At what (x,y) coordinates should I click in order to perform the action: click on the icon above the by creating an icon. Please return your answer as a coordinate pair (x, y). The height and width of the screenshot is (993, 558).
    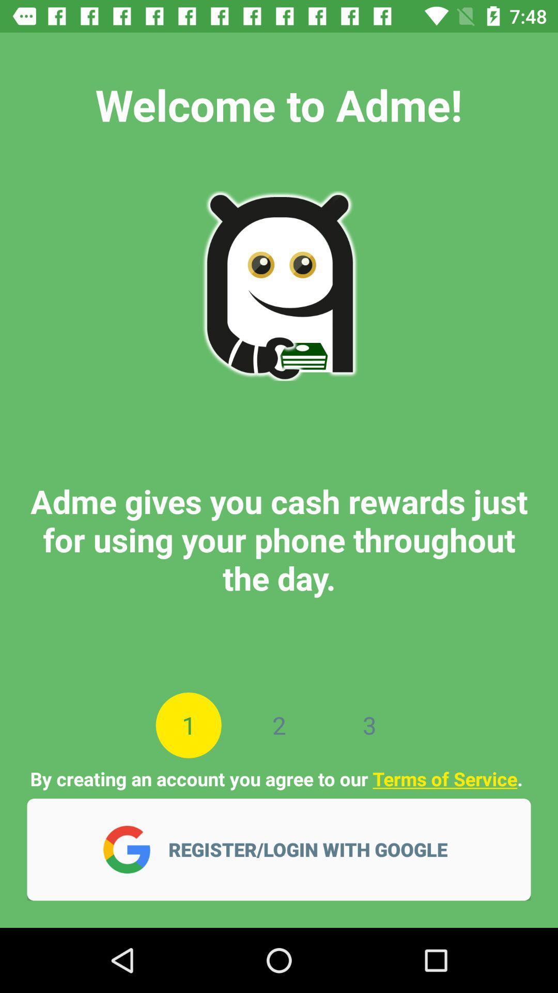
    Looking at the image, I should click on (279, 725).